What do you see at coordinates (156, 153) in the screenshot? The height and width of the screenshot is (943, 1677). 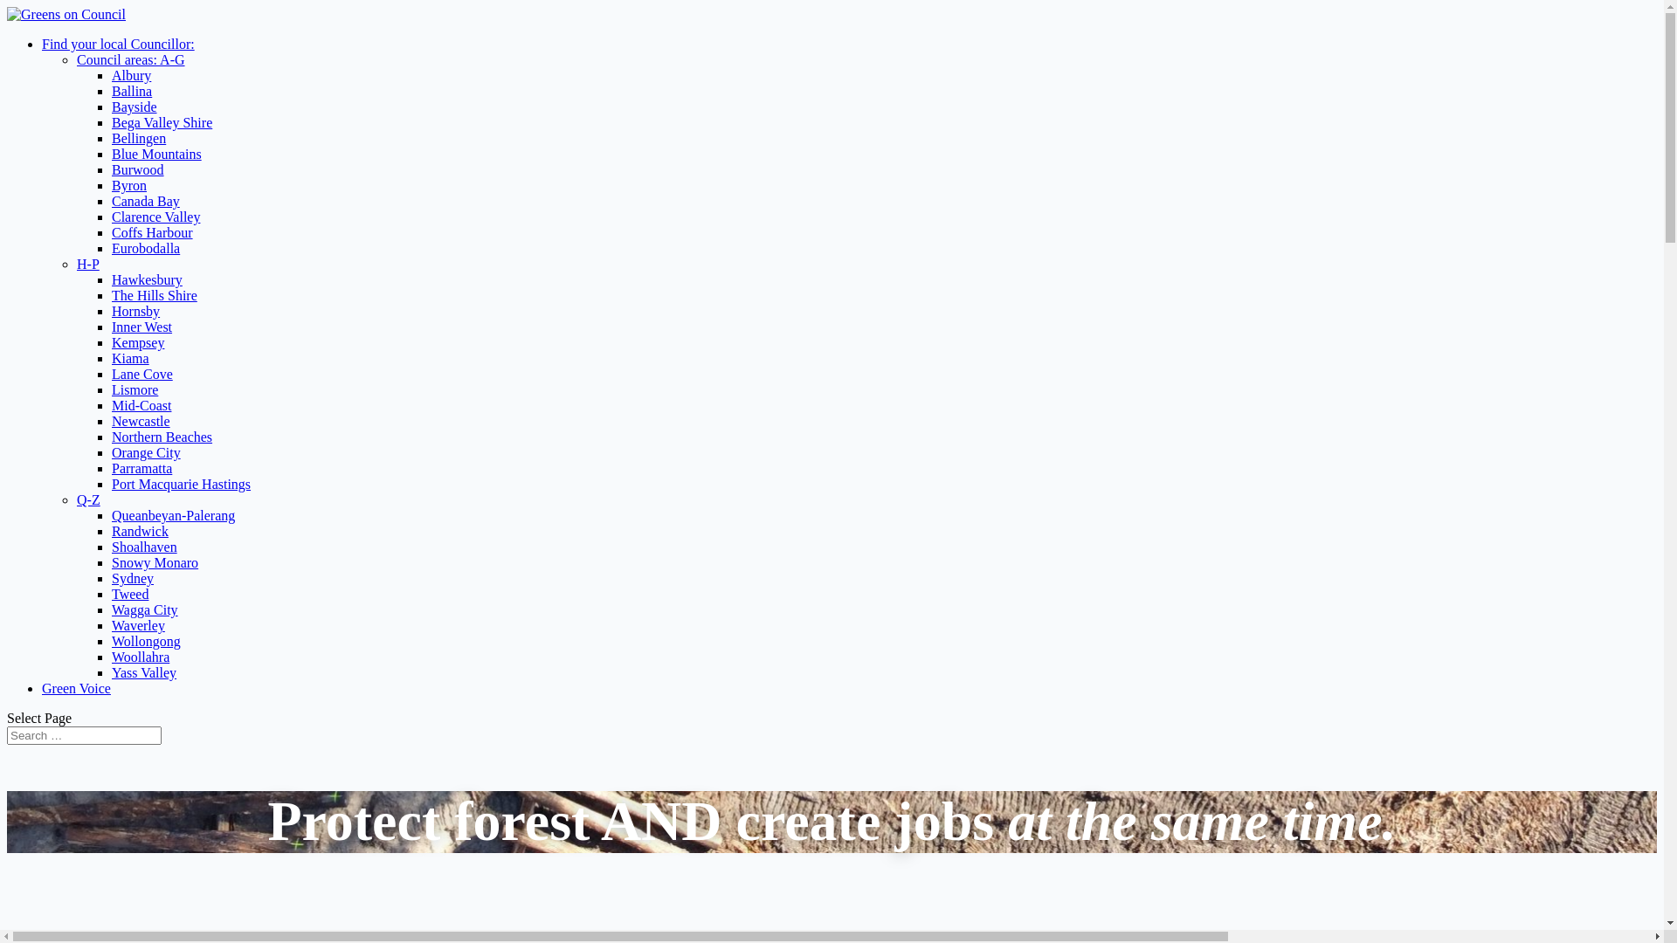 I see `'Blue Mountains'` at bounding box center [156, 153].